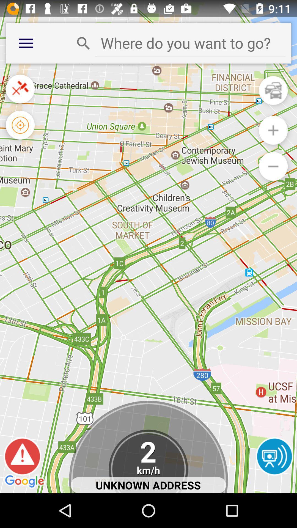 The width and height of the screenshot is (297, 528). I want to click on search bar, so click(190, 43).